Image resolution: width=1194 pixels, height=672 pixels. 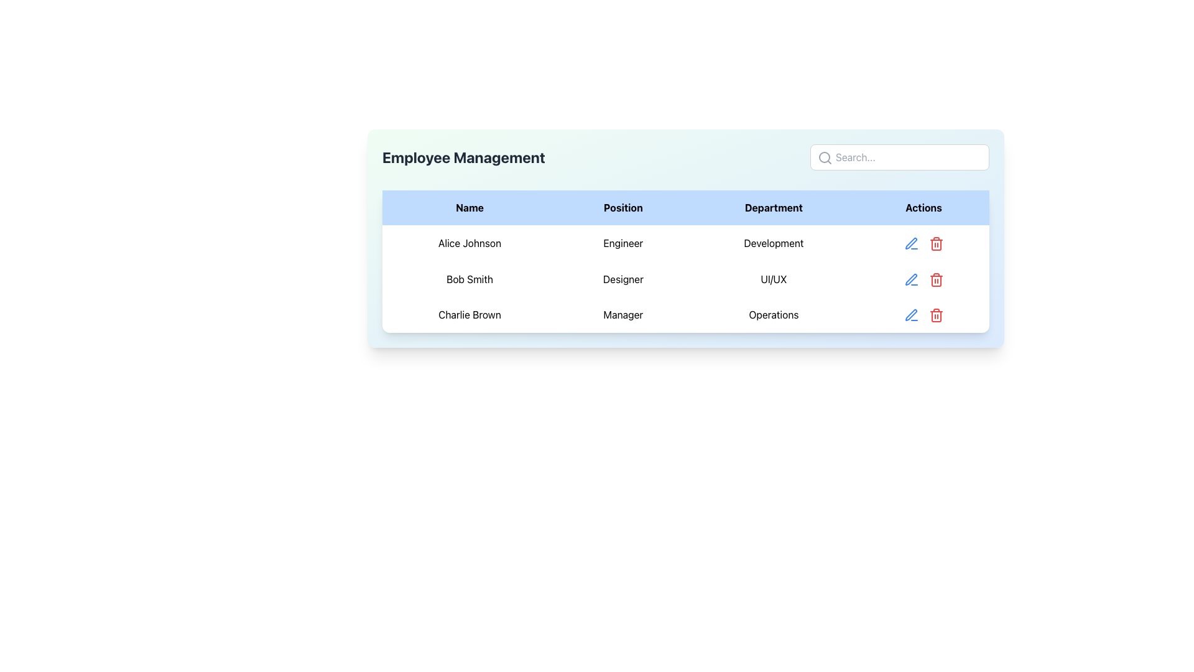 What do you see at coordinates (773, 243) in the screenshot?
I see `the Text Label displaying the department information for employee 'Alice Johnson' in the table, located in the third column under the 'Department' header` at bounding box center [773, 243].